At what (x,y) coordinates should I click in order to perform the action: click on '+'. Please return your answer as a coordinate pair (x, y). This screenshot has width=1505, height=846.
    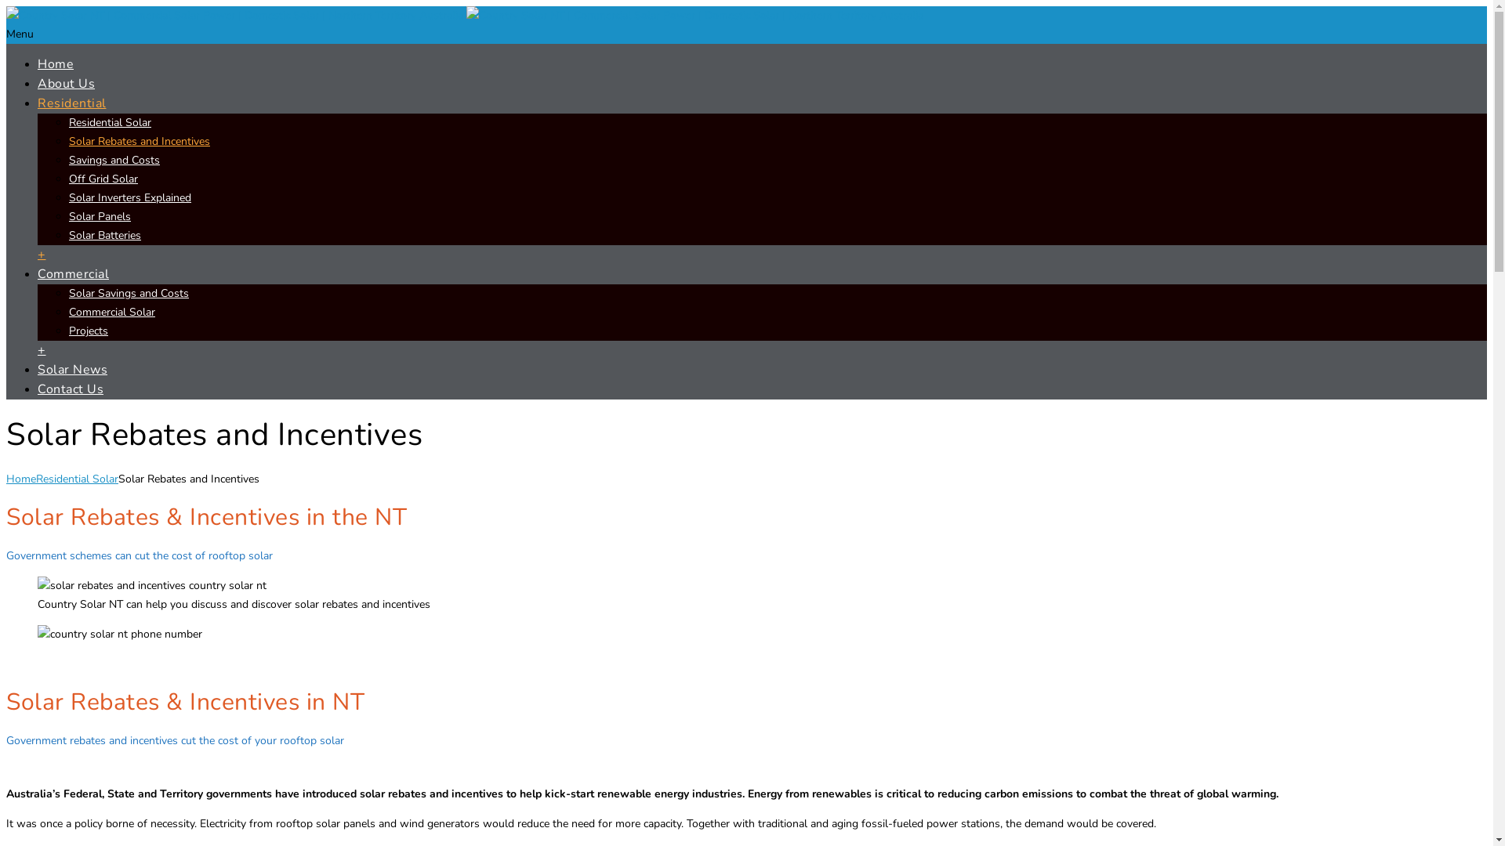
    Looking at the image, I should click on (42, 349).